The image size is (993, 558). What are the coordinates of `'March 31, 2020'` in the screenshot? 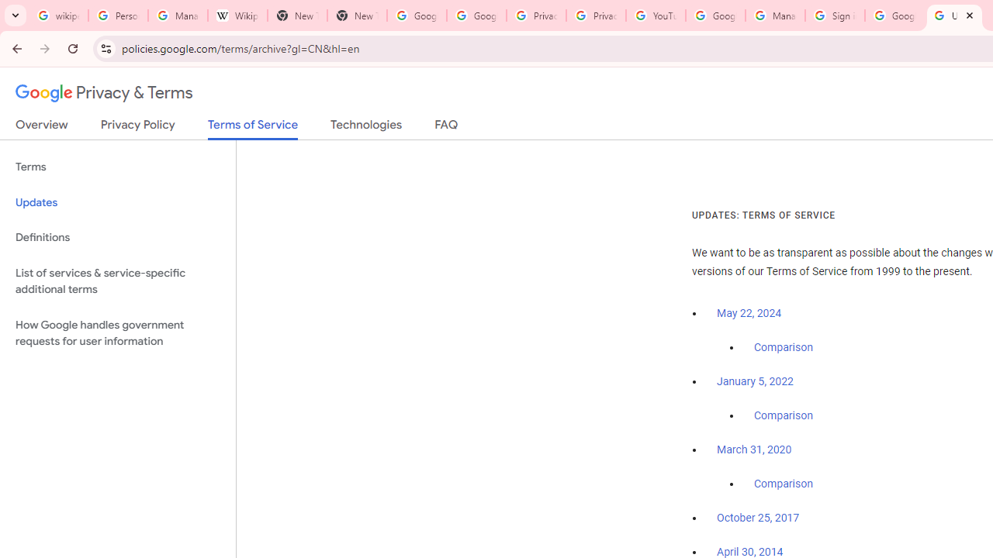 It's located at (754, 449).